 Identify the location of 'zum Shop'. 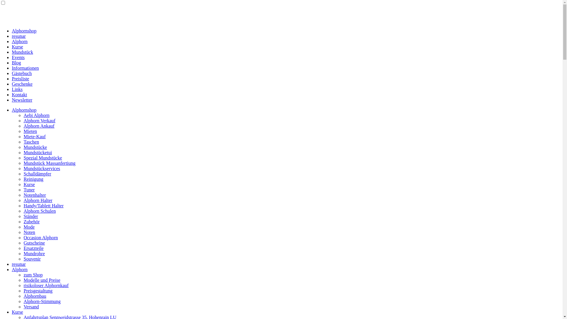
(32, 275).